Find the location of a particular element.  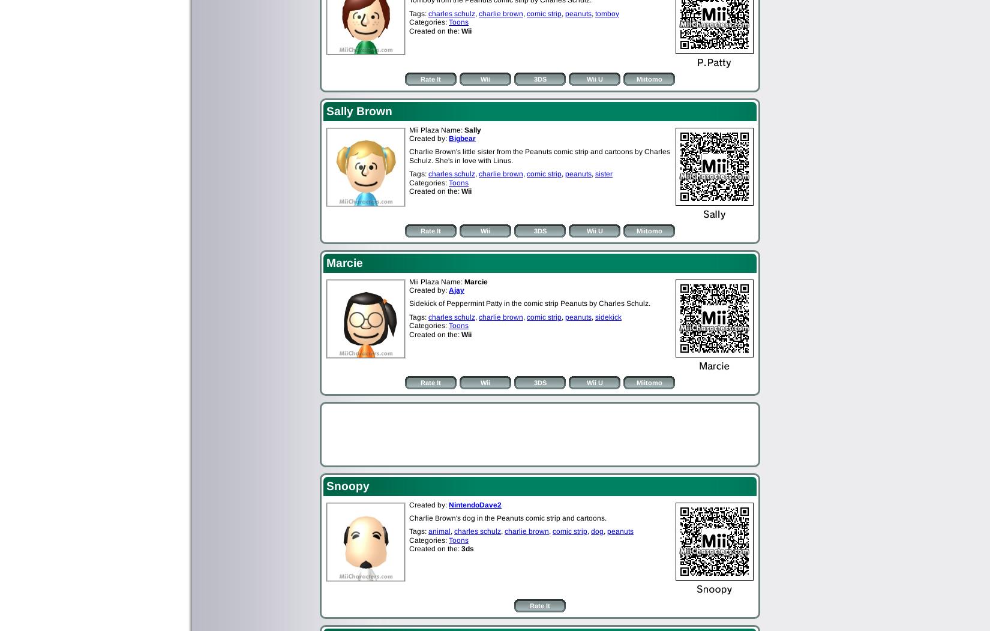

'sidekick' is located at coordinates (608, 316).